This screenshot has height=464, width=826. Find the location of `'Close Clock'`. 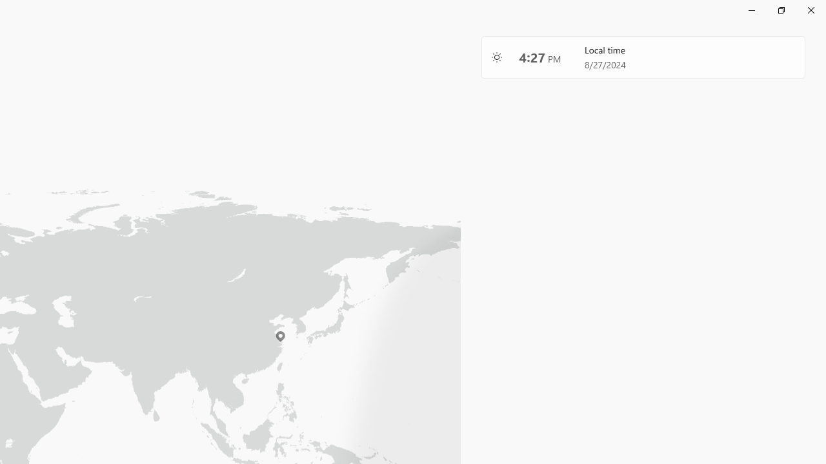

'Close Clock' is located at coordinates (810, 10).